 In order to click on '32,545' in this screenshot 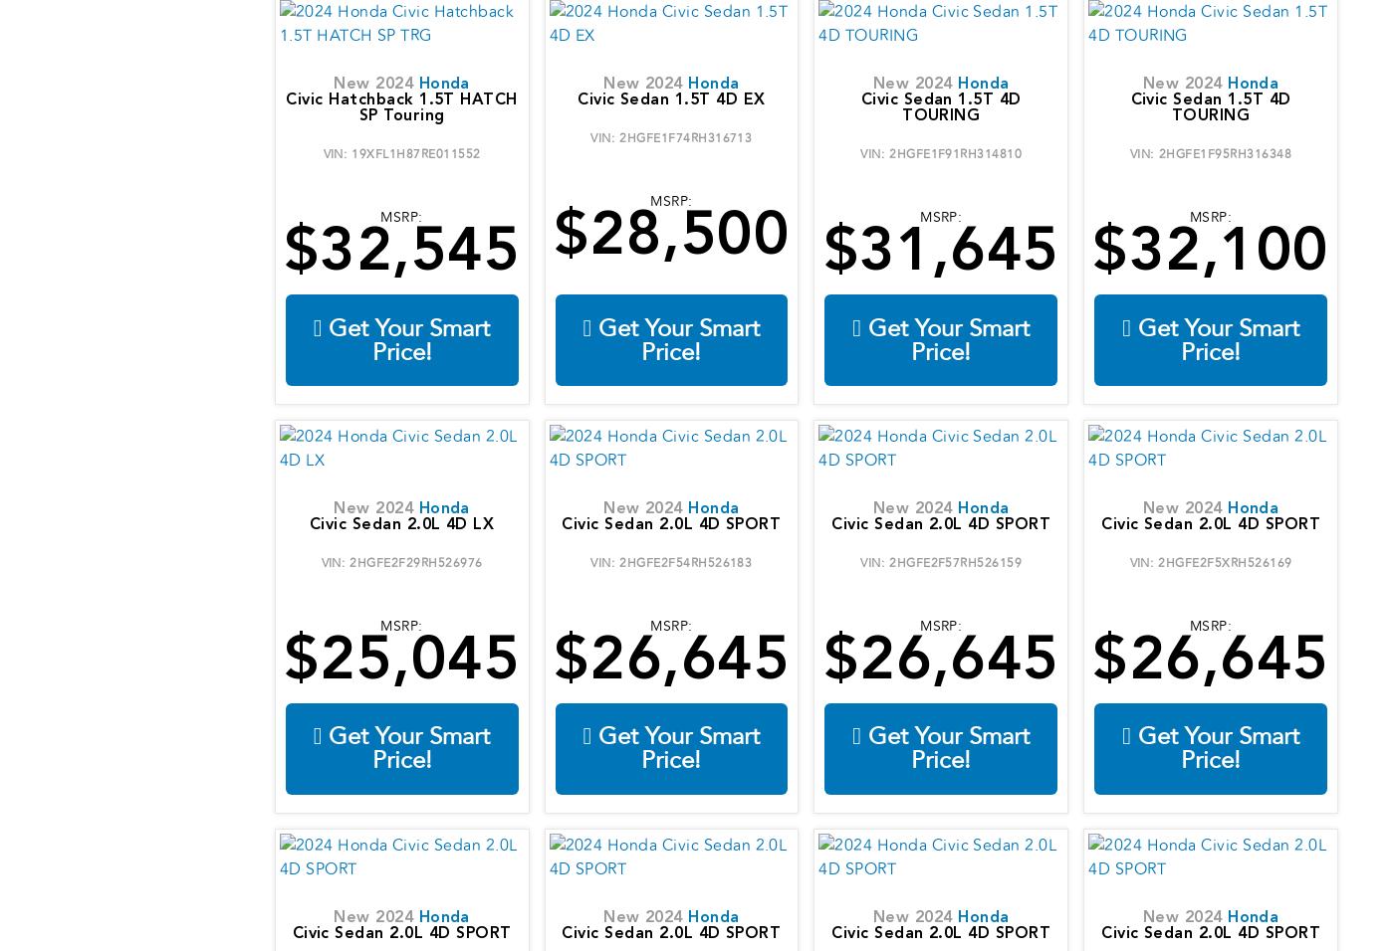, I will do `click(419, 254)`.